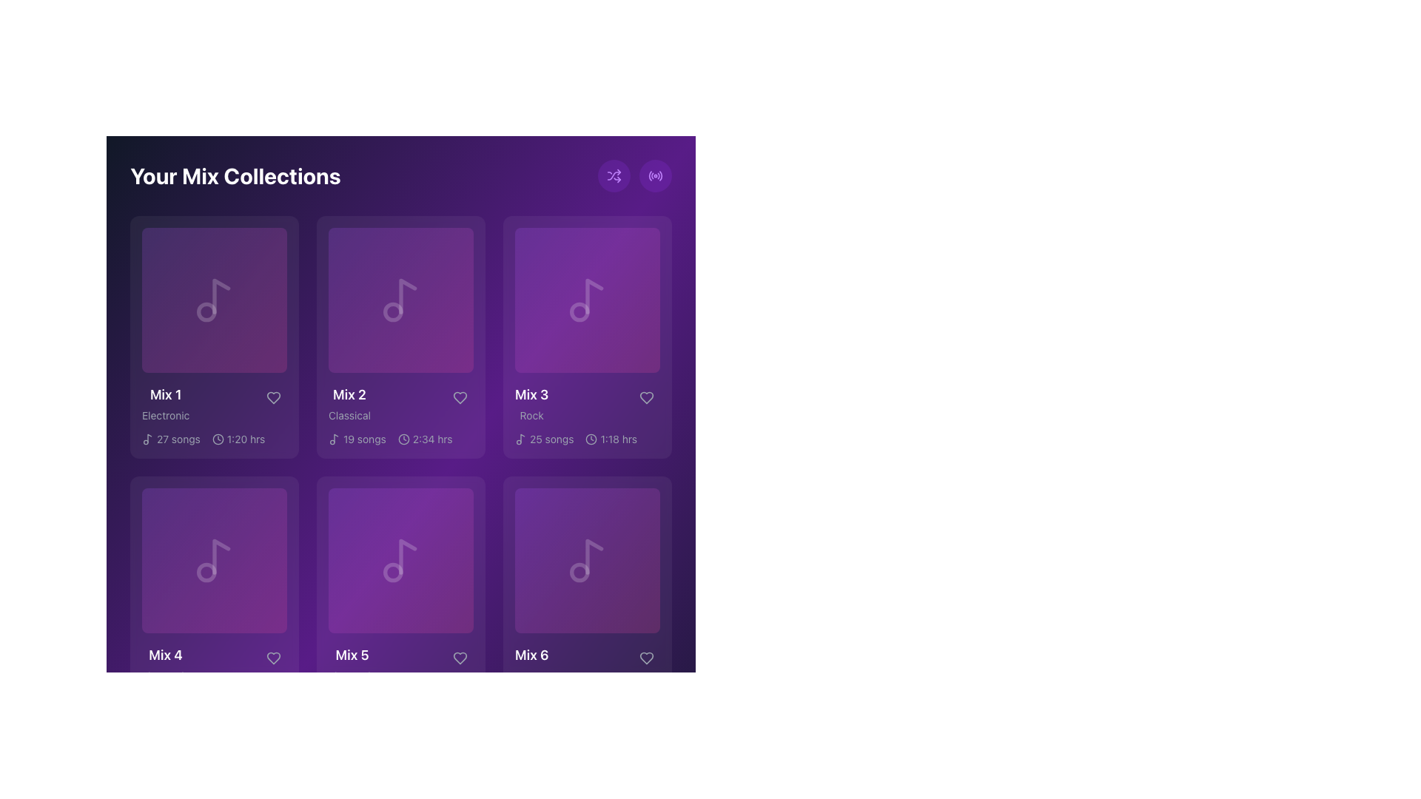  I want to click on the backward navigation icon button located at the bottom center of the interface for keyboard navigation, so click(310, 757).